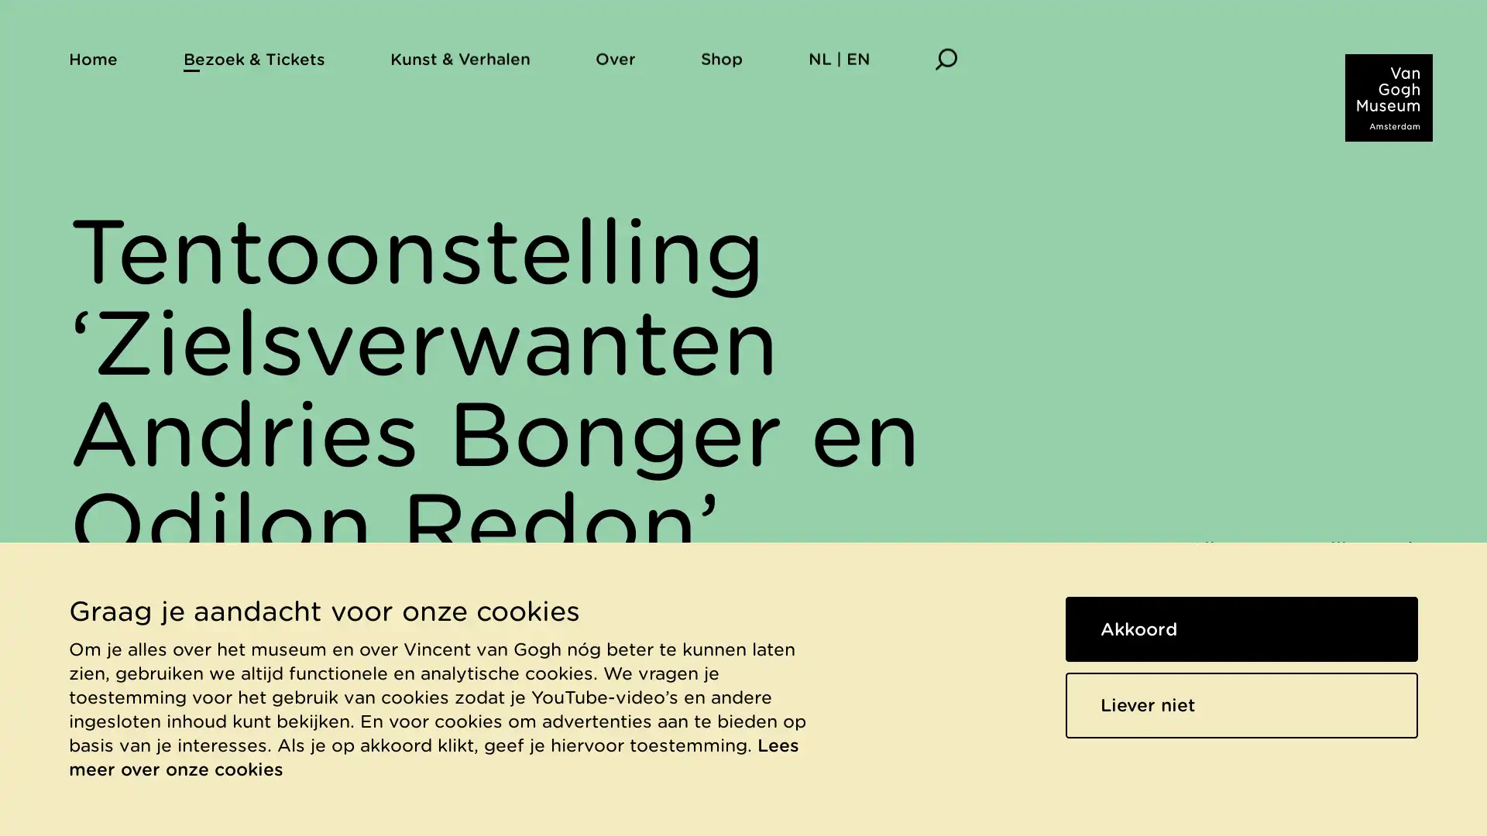 The width and height of the screenshot is (1487, 836). I want to click on Zoeken, so click(945, 58).